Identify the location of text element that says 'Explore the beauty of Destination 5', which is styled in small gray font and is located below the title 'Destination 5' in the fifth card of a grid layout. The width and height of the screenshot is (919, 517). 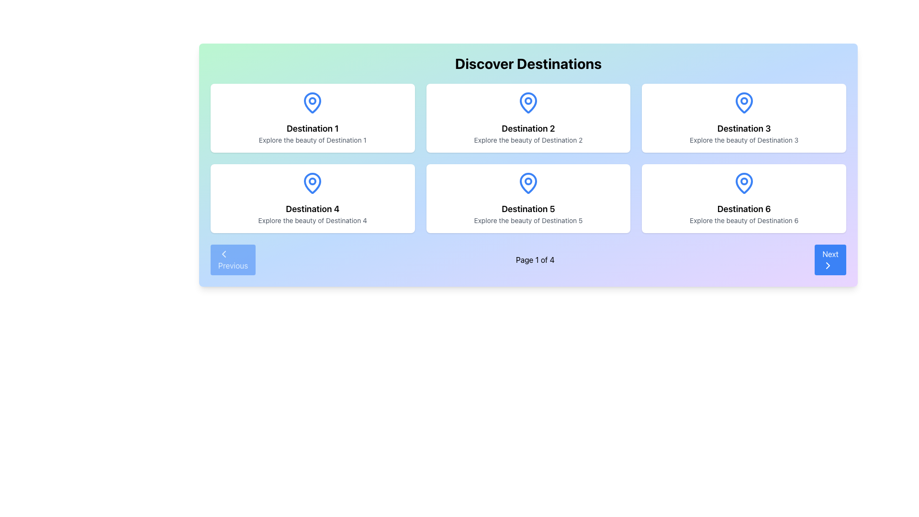
(528, 221).